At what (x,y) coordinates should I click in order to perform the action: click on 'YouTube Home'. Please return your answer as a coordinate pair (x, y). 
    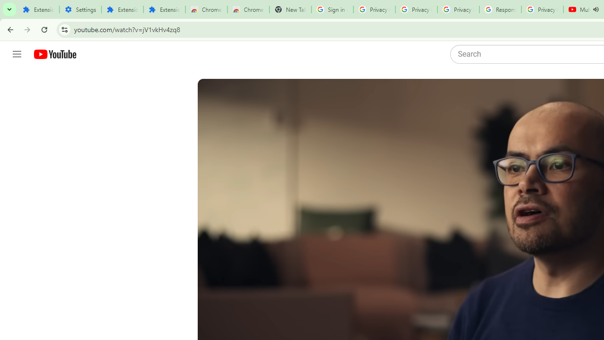
    Looking at the image, I should click on (54, 54).